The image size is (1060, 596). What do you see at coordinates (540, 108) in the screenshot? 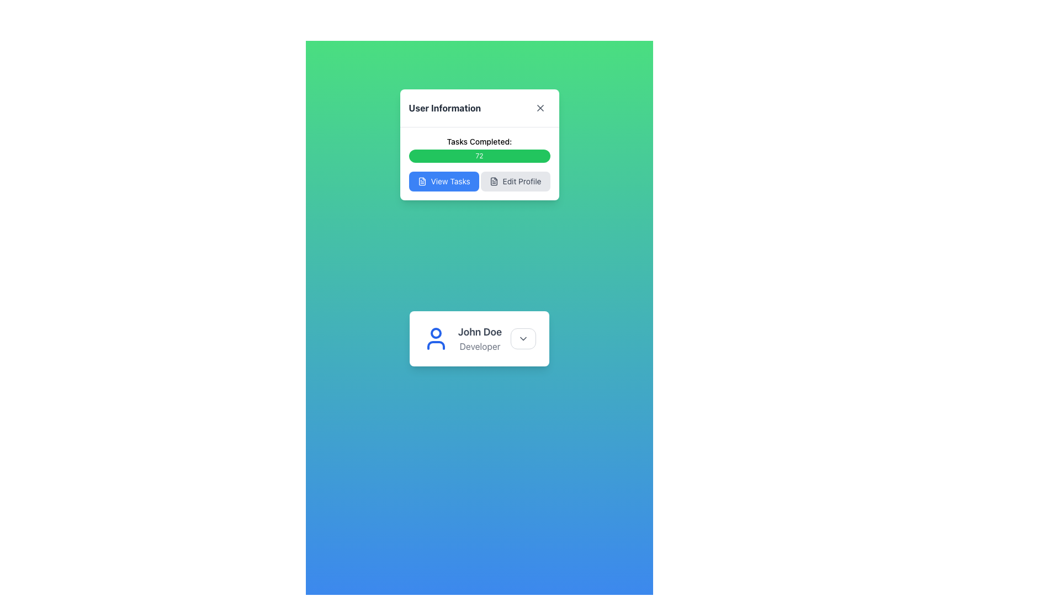
I see `the small 'X' icon button located in the top-right corner of the 'User Information' card` at bounding box center [540, 108].